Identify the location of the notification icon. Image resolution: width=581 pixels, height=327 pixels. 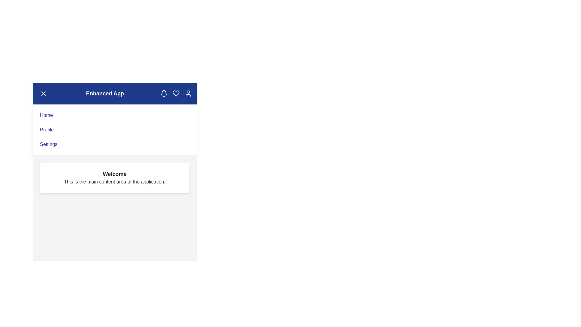
(164, 93).